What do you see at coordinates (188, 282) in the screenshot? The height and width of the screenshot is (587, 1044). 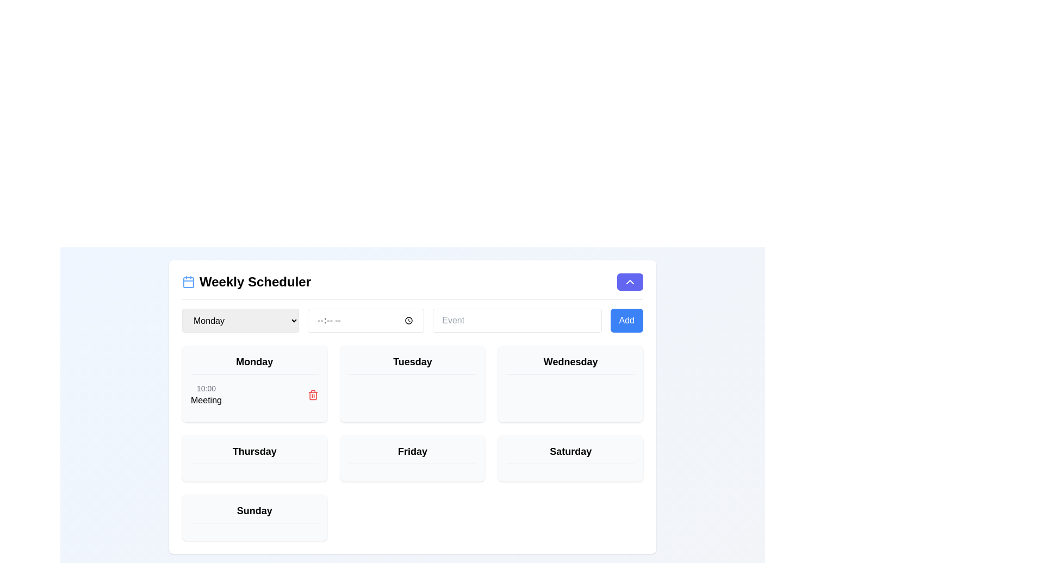 I see `the SVG graphical rectangle with rounded corners that is a central part of the calendar icon located at the top left of the user interface` at bounding box center [188, 282].